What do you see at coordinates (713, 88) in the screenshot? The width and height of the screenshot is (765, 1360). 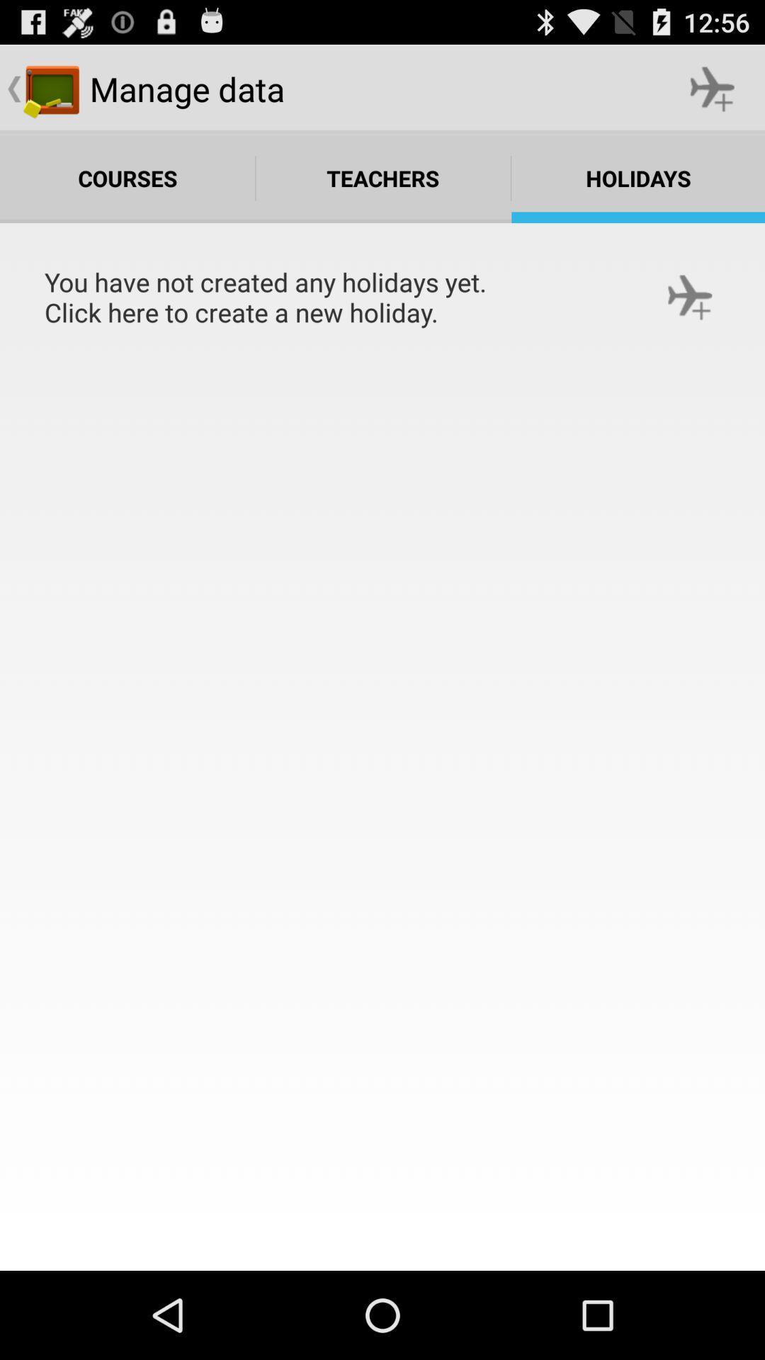 I see `app above holidays item` at bounding box center [713, 88].